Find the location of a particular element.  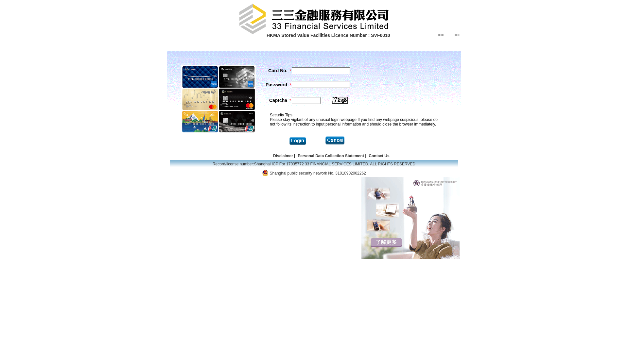

'Can not see clearly? Click here. ' is located at coordinates (340, 100).